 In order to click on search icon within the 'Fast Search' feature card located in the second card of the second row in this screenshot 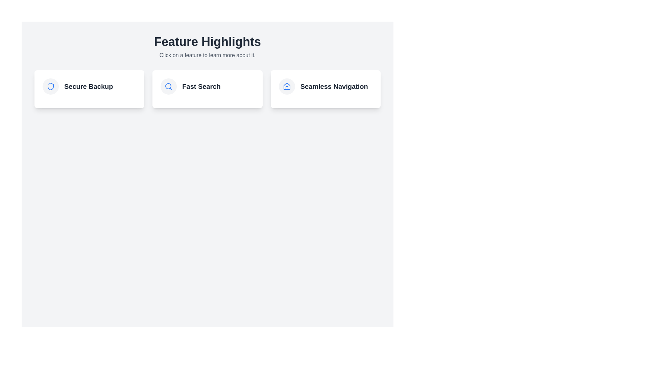, I will do `click(168, 86)`.